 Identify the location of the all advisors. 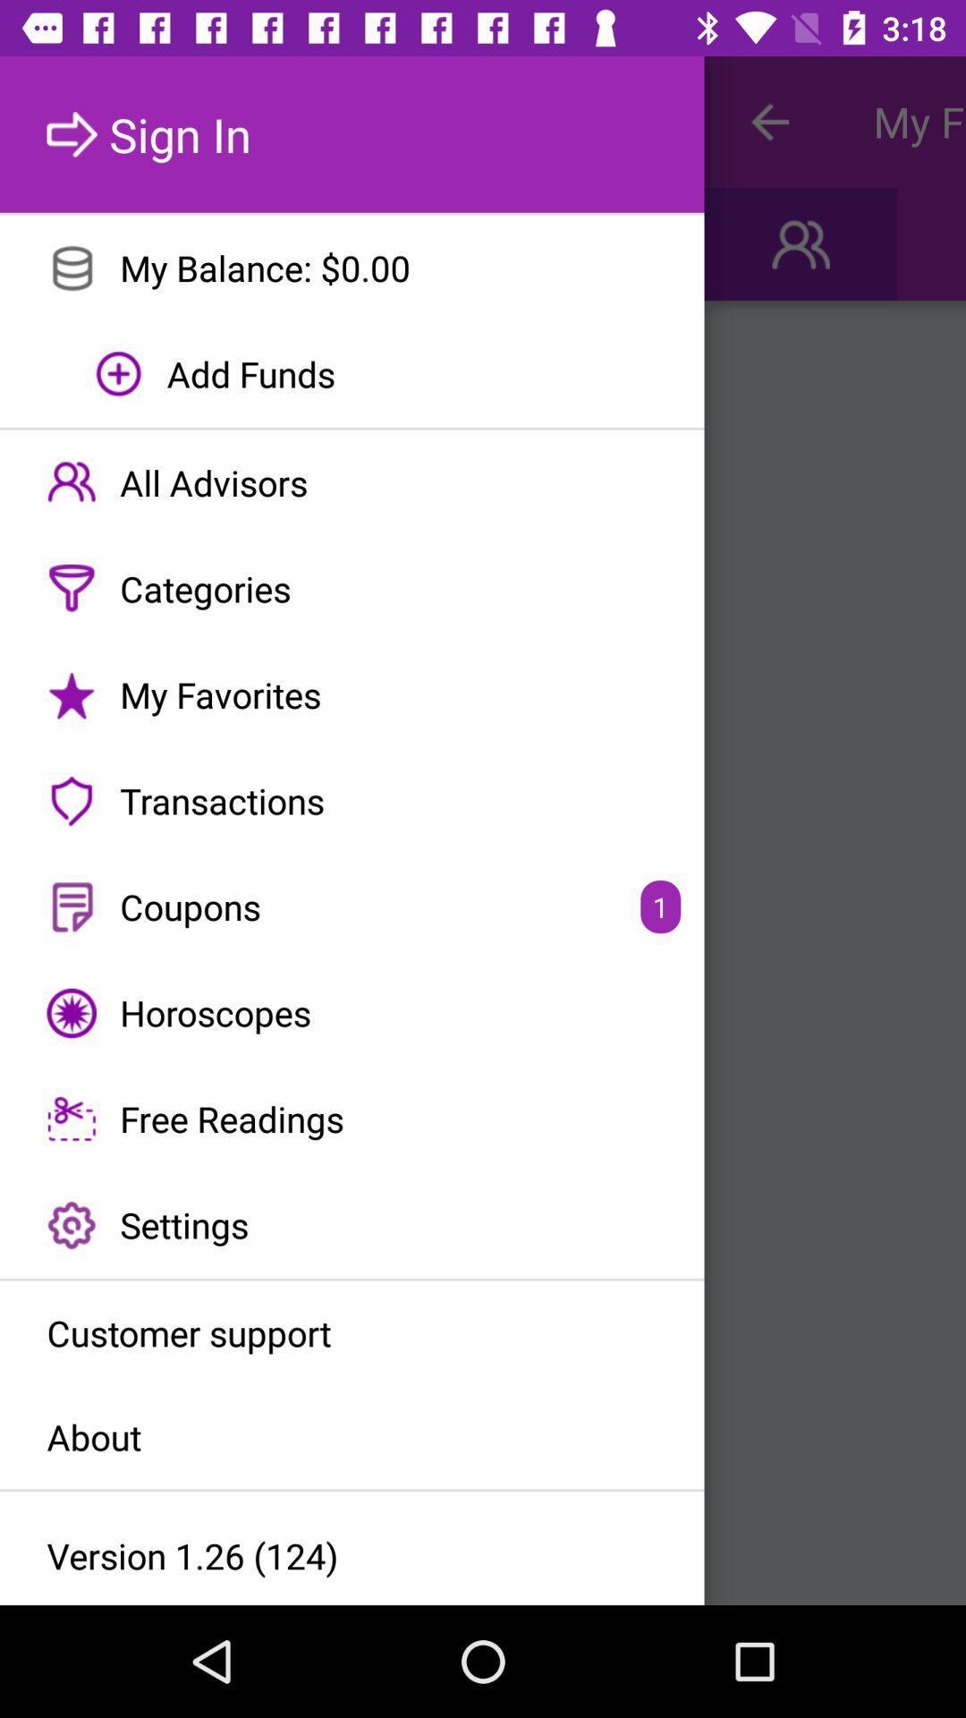
(352, 482).